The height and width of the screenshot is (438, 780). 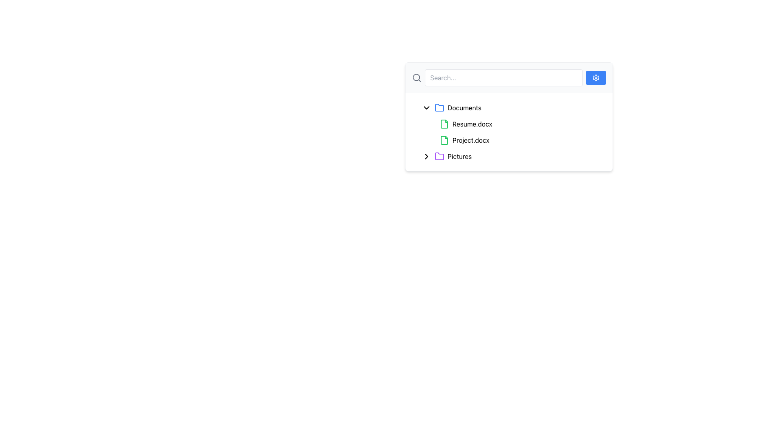 I want to click on the chevron-right arrow icon, so click(x=426, y=156).